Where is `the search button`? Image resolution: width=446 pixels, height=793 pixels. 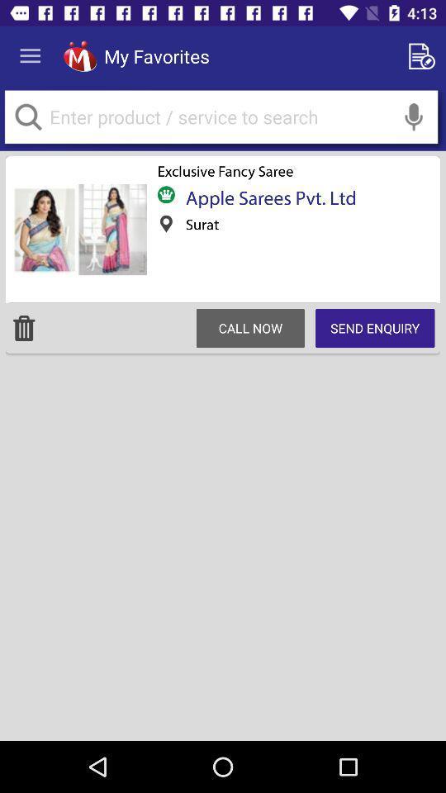 the search button is located at coordinates (27, 116).